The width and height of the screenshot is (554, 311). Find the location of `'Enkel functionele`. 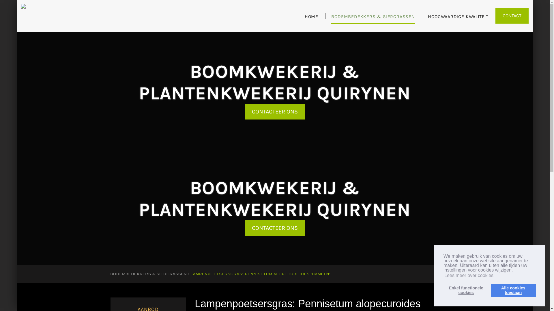

'Enkel functionele is located at coordinates (443, 290).